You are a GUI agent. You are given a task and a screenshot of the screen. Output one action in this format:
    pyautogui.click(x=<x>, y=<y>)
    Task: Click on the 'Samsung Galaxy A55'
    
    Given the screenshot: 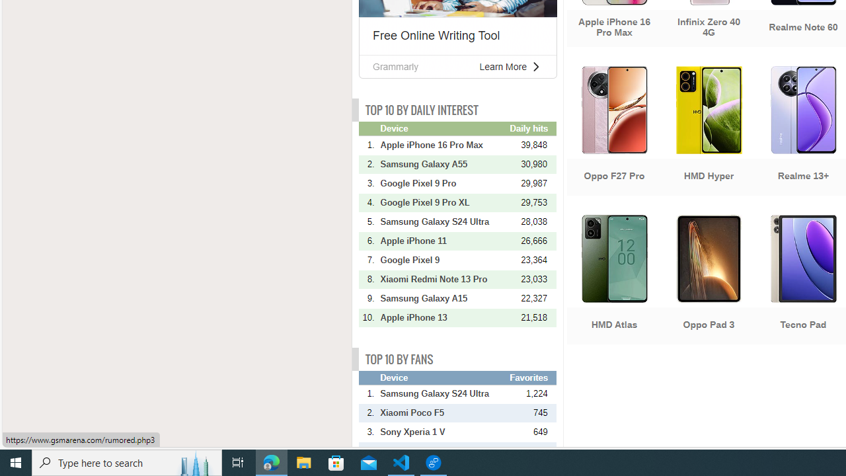 What is the action you would take?
    pyautogui.click(x=443, y=163)
    